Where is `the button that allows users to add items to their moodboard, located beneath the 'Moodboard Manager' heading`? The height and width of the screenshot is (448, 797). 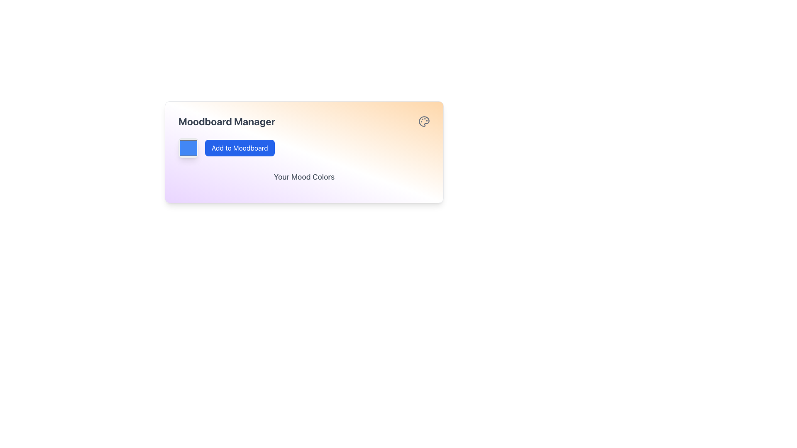 the button that allows users to add items to their moodboard, located beneath the 'Moodboard Manager' heading is located at coordinates (239, 148).